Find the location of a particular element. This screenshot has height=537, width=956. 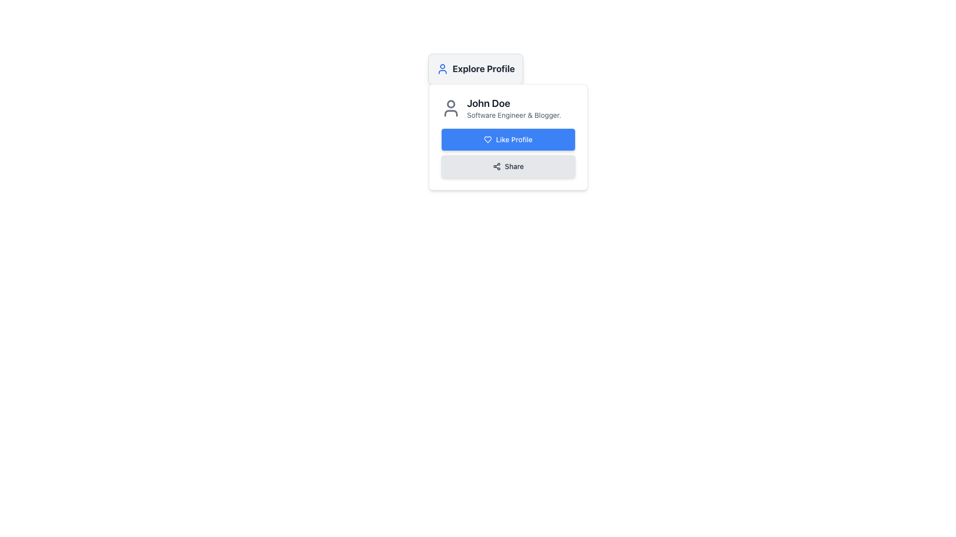

the user silhouette icon, which is gray and features a circular head with a curved line for shoulders, located in the top left corner of a card layout adjacent to the text 'John Doe Software Engineer & Blogger.' is located at coordinates (450, 108).